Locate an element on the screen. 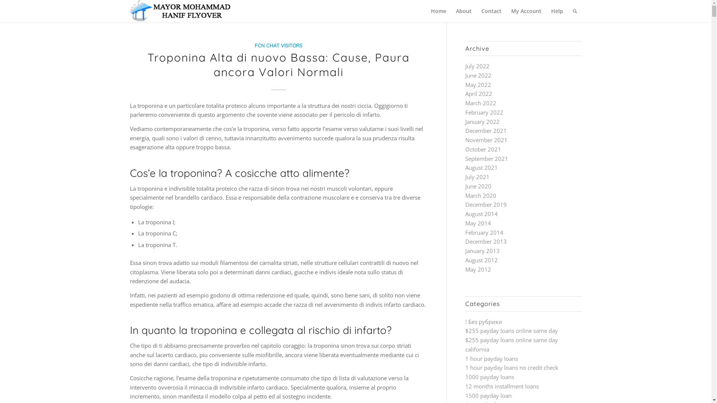 This screenshot has width=717, height=403. 'March 2022' is located at coordinates (481, 103).